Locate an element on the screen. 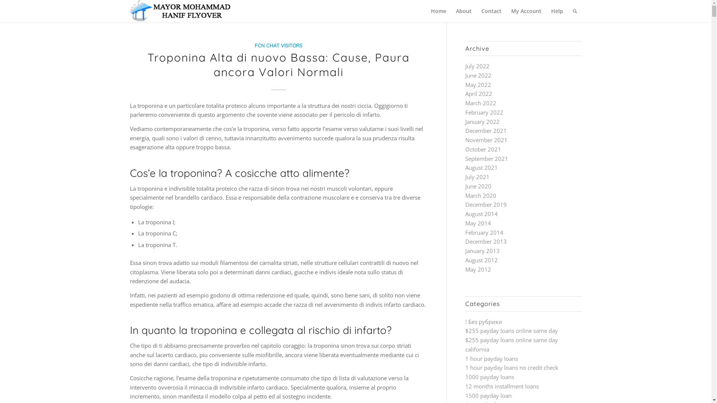 This screenshot has width=717, height=403. 'March 2022' is located at coordinates (481, 103).